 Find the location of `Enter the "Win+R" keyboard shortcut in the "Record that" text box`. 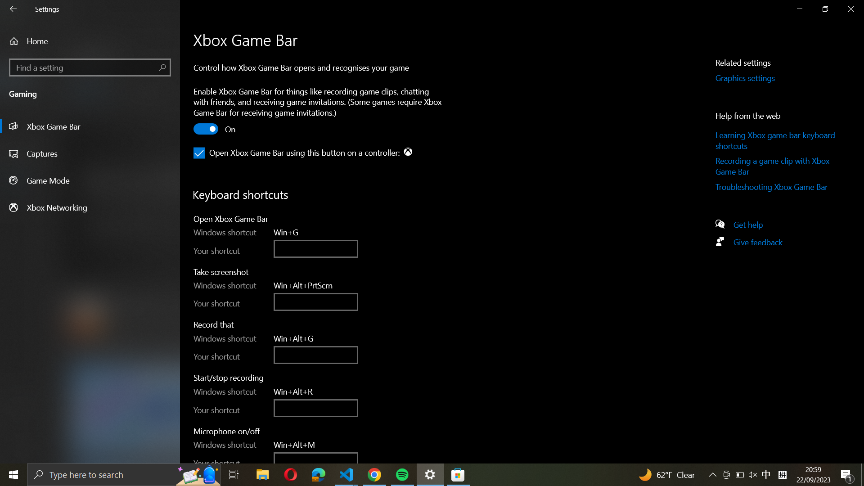

Enter the "Win+R" keyboard shortcut in the "Record that" text box is located at coordinates (316, 354).